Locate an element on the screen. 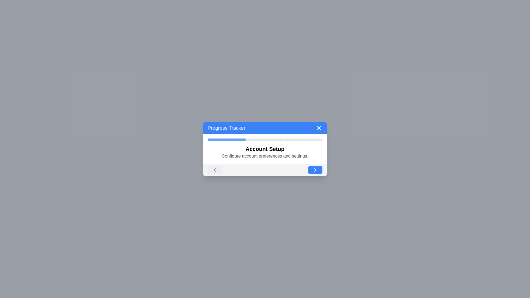 The image size is (530, 298). the left-pointing chevron-shaped icon embedded within the button in the footer area is located at coordinates (214, 170).